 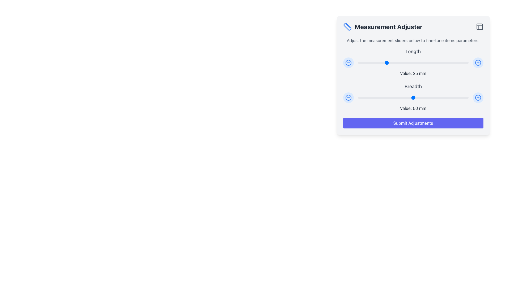 What do you see at coordinates (425, 62) in the screenshot?
I see `the length` at bounding box center [425, 62].